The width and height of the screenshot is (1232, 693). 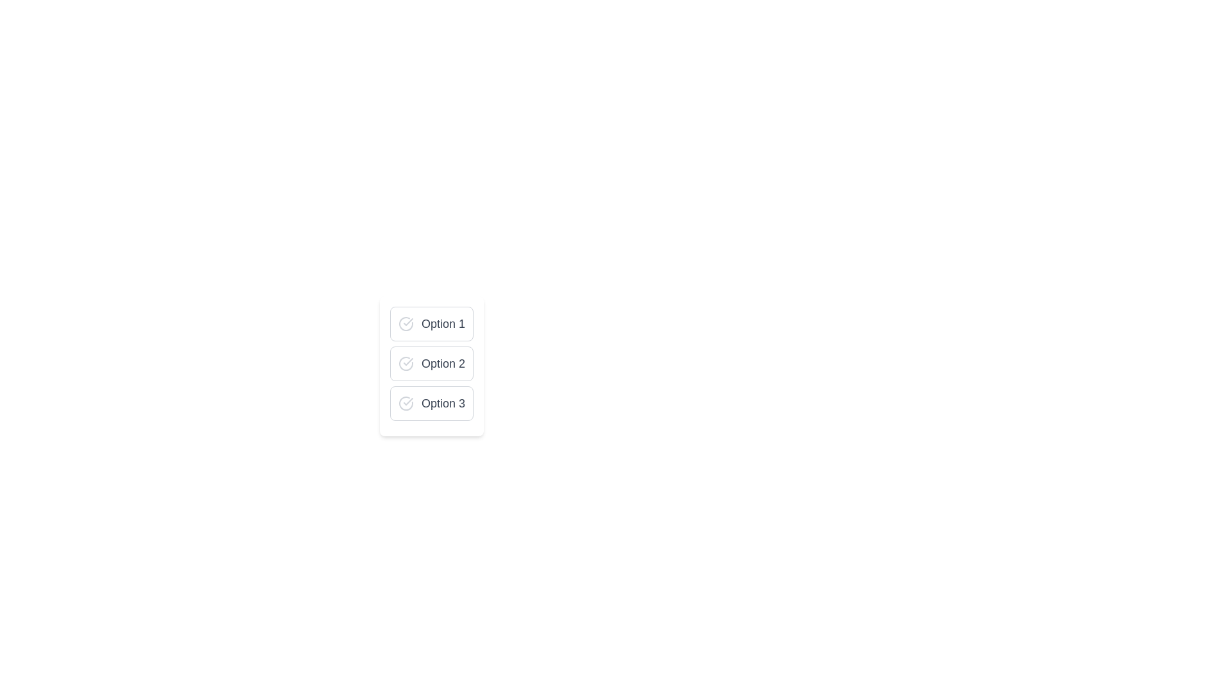 I want to click on text 'Option 3' from the selectable list item positioned as the third entry in a vertical stack, located below 'Option 2', so click(x=431, y=402).